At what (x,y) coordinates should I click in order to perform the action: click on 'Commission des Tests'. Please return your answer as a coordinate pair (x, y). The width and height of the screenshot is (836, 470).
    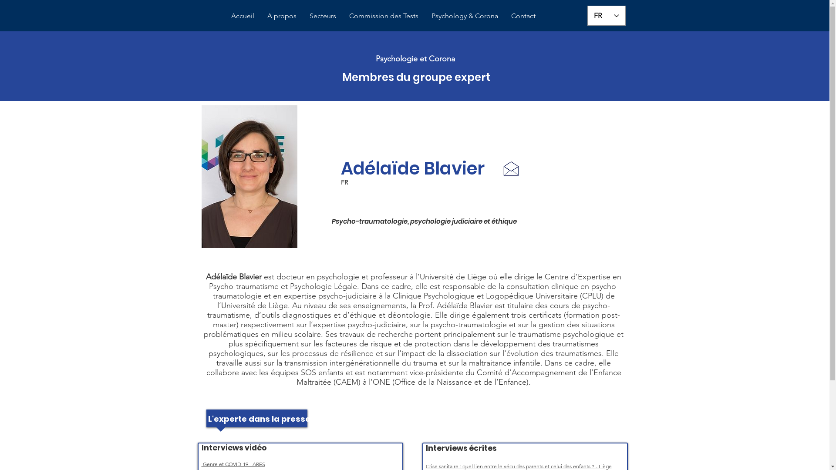
    Looking at the image, I should click on (342, 16).